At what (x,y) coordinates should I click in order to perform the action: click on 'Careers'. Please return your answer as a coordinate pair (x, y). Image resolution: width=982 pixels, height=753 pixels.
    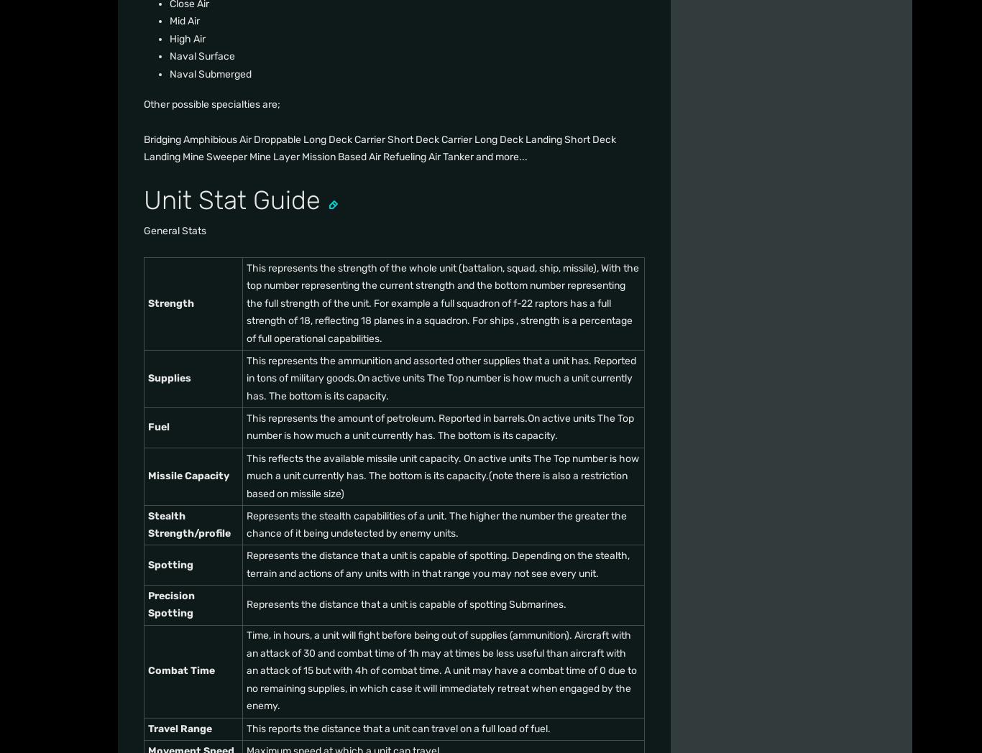
    Looking at the image, I should click on (359, 224).